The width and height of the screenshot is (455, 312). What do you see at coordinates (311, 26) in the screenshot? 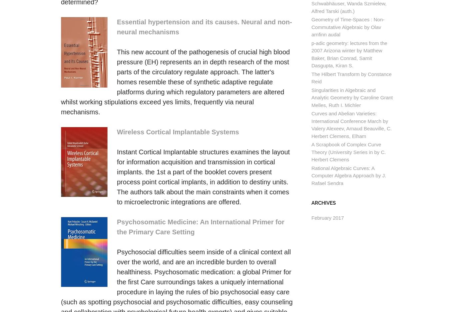
I see `'Geometry of Time-Spaces : Non-Commutative Algebraic by Olav arnfinn audal'` at bounding box center [311, 26].